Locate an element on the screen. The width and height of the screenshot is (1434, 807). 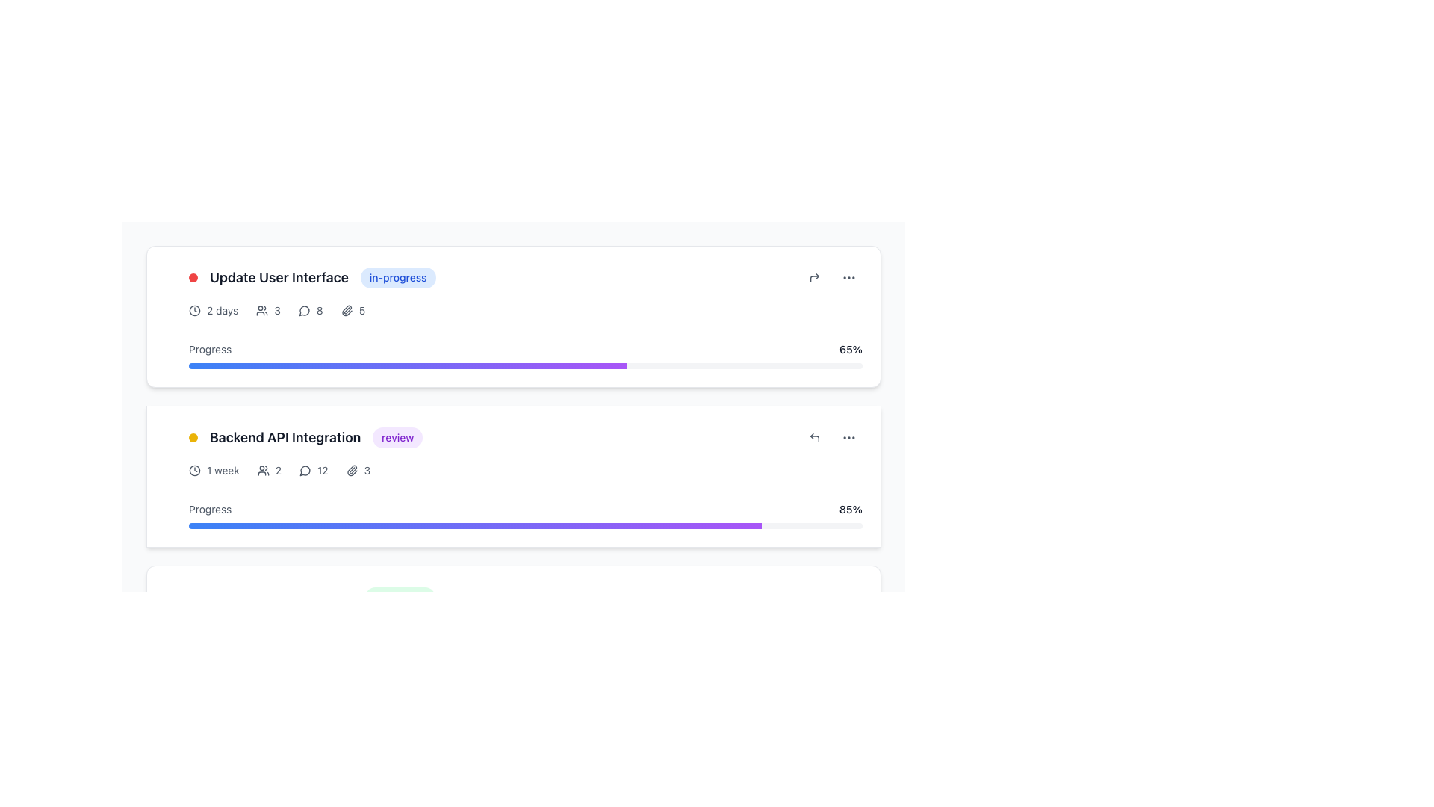
progress is located at coordinates (258, 365).